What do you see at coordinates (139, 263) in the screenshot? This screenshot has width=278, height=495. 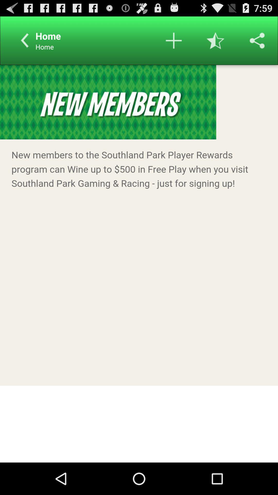 I see `screen page` at bounding box center [139, 263].